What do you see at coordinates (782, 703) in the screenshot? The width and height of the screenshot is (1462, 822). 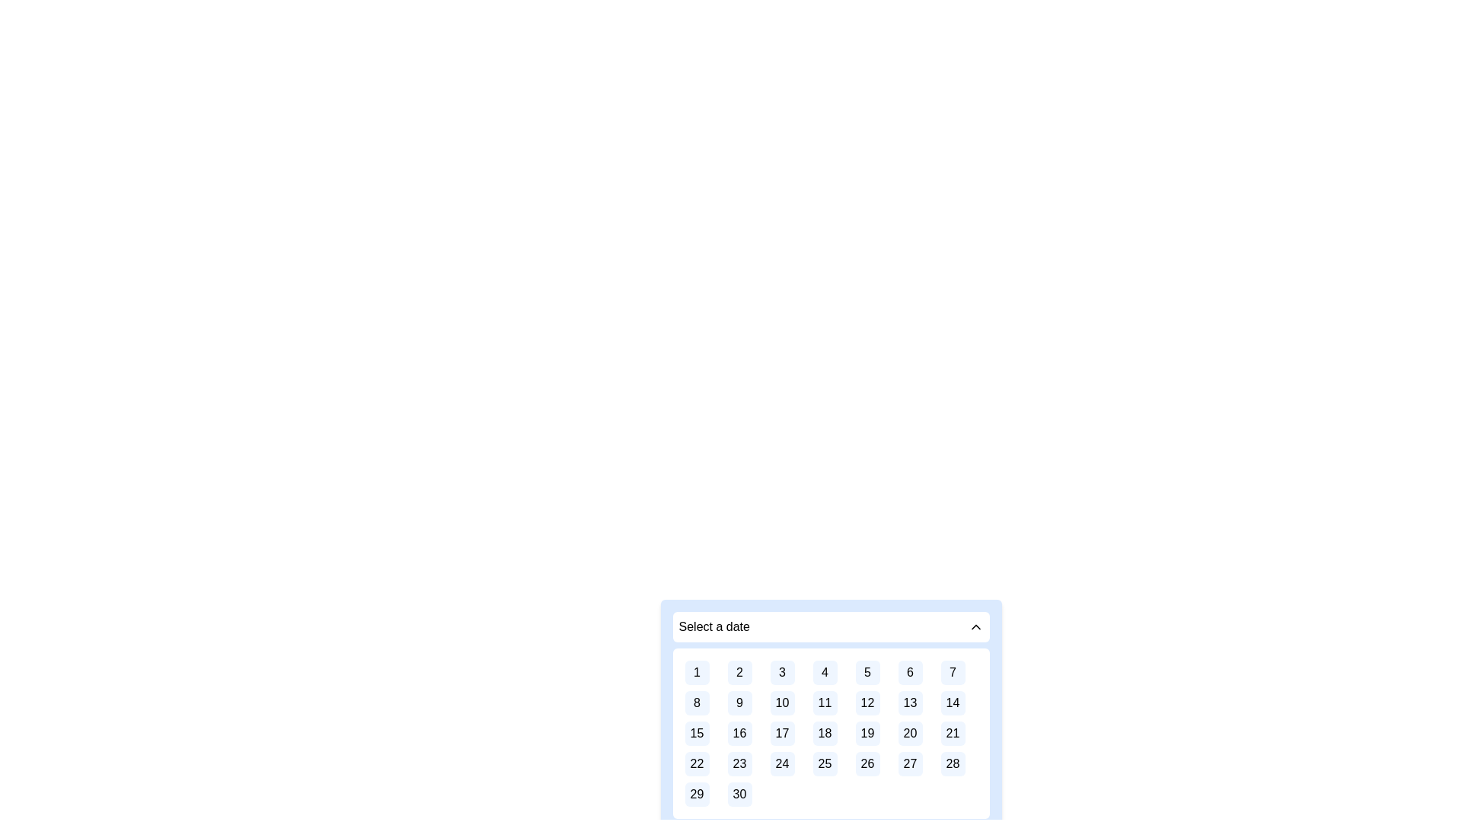 I see `the square-shaped button with a light blue background and the text '10'` at bounding box center [782, 703].